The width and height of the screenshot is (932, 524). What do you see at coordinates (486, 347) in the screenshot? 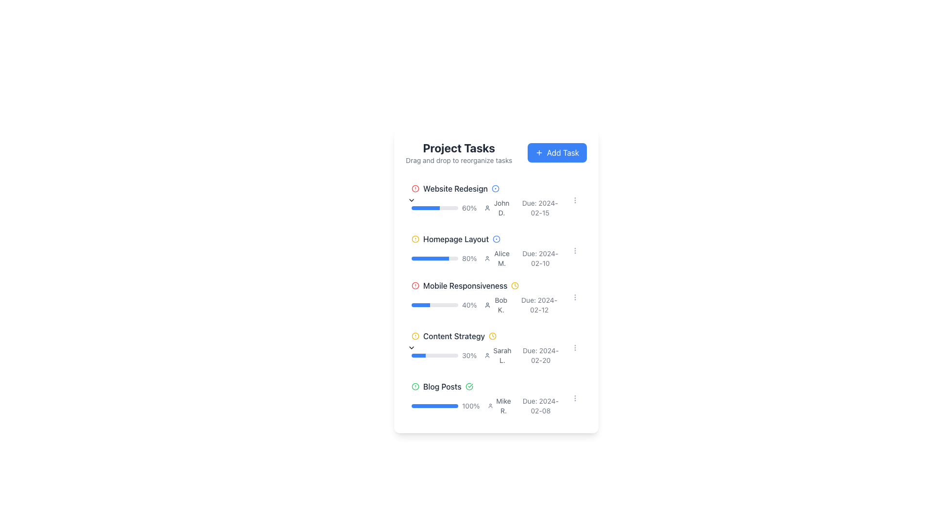
I see `the task card element that displays the details of a specific task within the project management interface` at bounding box center [486, 347].